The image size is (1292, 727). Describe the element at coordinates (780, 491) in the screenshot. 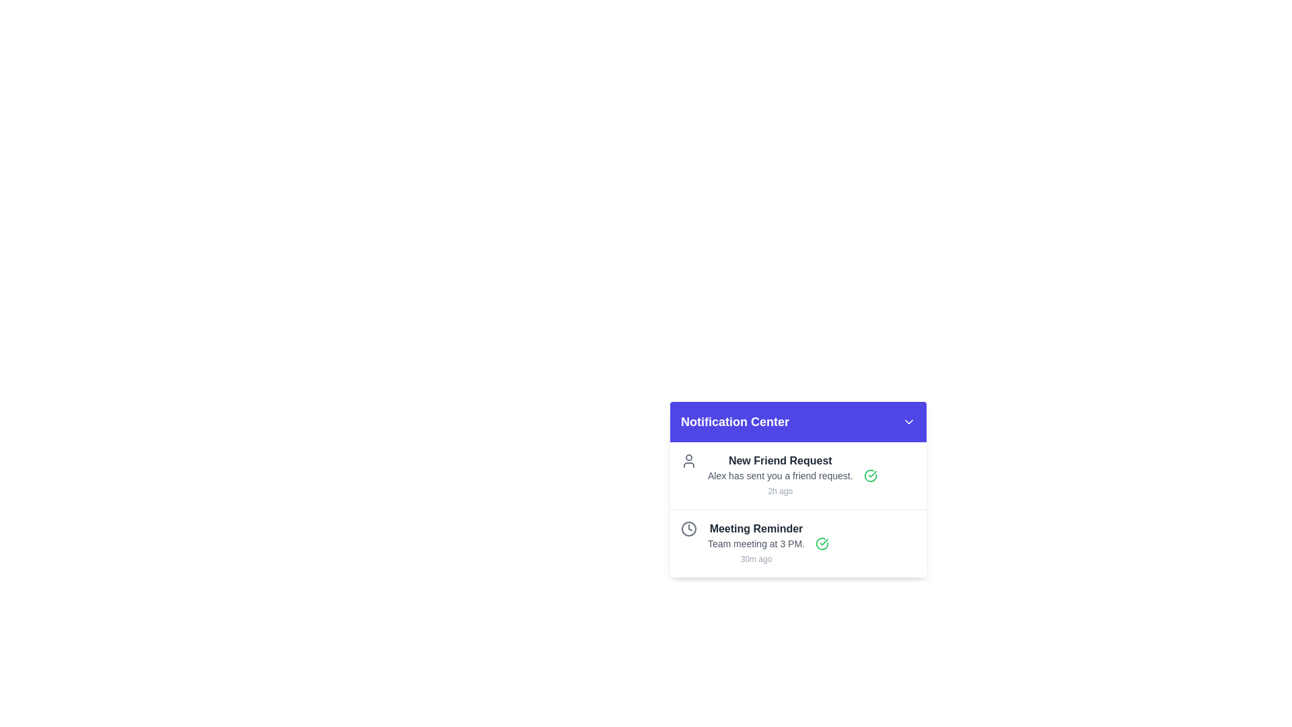

I see `the timestamp text label located at the bottom right of the 'New Friend Request' notification, which indicates the elapsed time since the notification was generated` at that location.